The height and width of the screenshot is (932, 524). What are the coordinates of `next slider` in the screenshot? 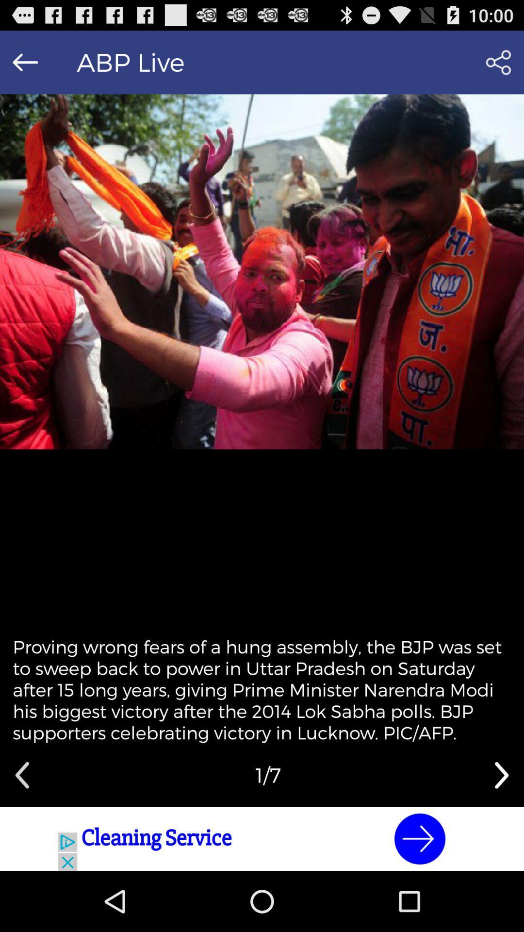 It's located at (501, 775).